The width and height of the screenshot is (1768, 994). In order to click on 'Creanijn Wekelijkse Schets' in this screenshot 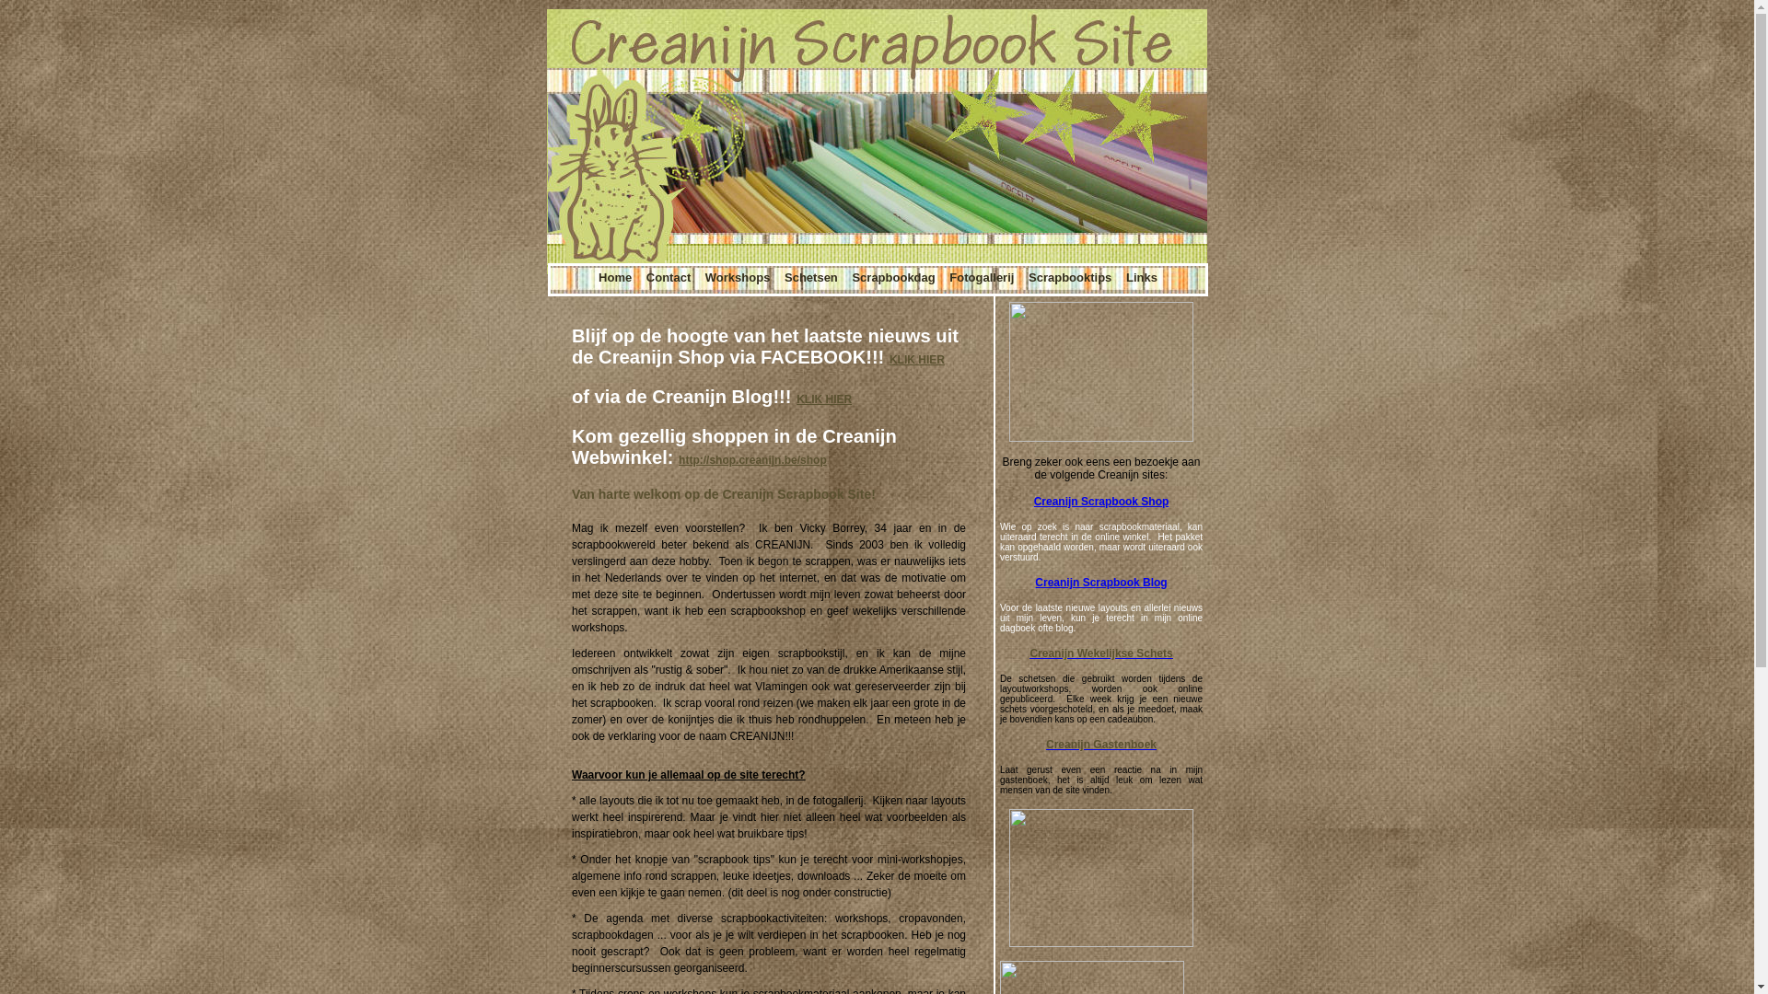, I will do `click(1100, 652)`.